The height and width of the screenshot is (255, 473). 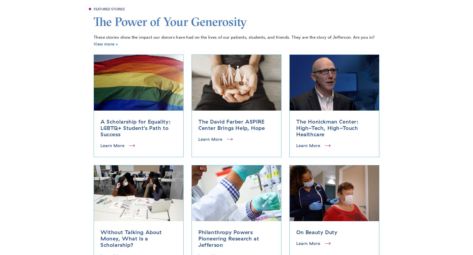 What do you see at coordinates (228, 238) in the screenshot?
I see `'Philanthropy Powers Pioneering Research at Jefferson'` at bounding box center [228, 238].